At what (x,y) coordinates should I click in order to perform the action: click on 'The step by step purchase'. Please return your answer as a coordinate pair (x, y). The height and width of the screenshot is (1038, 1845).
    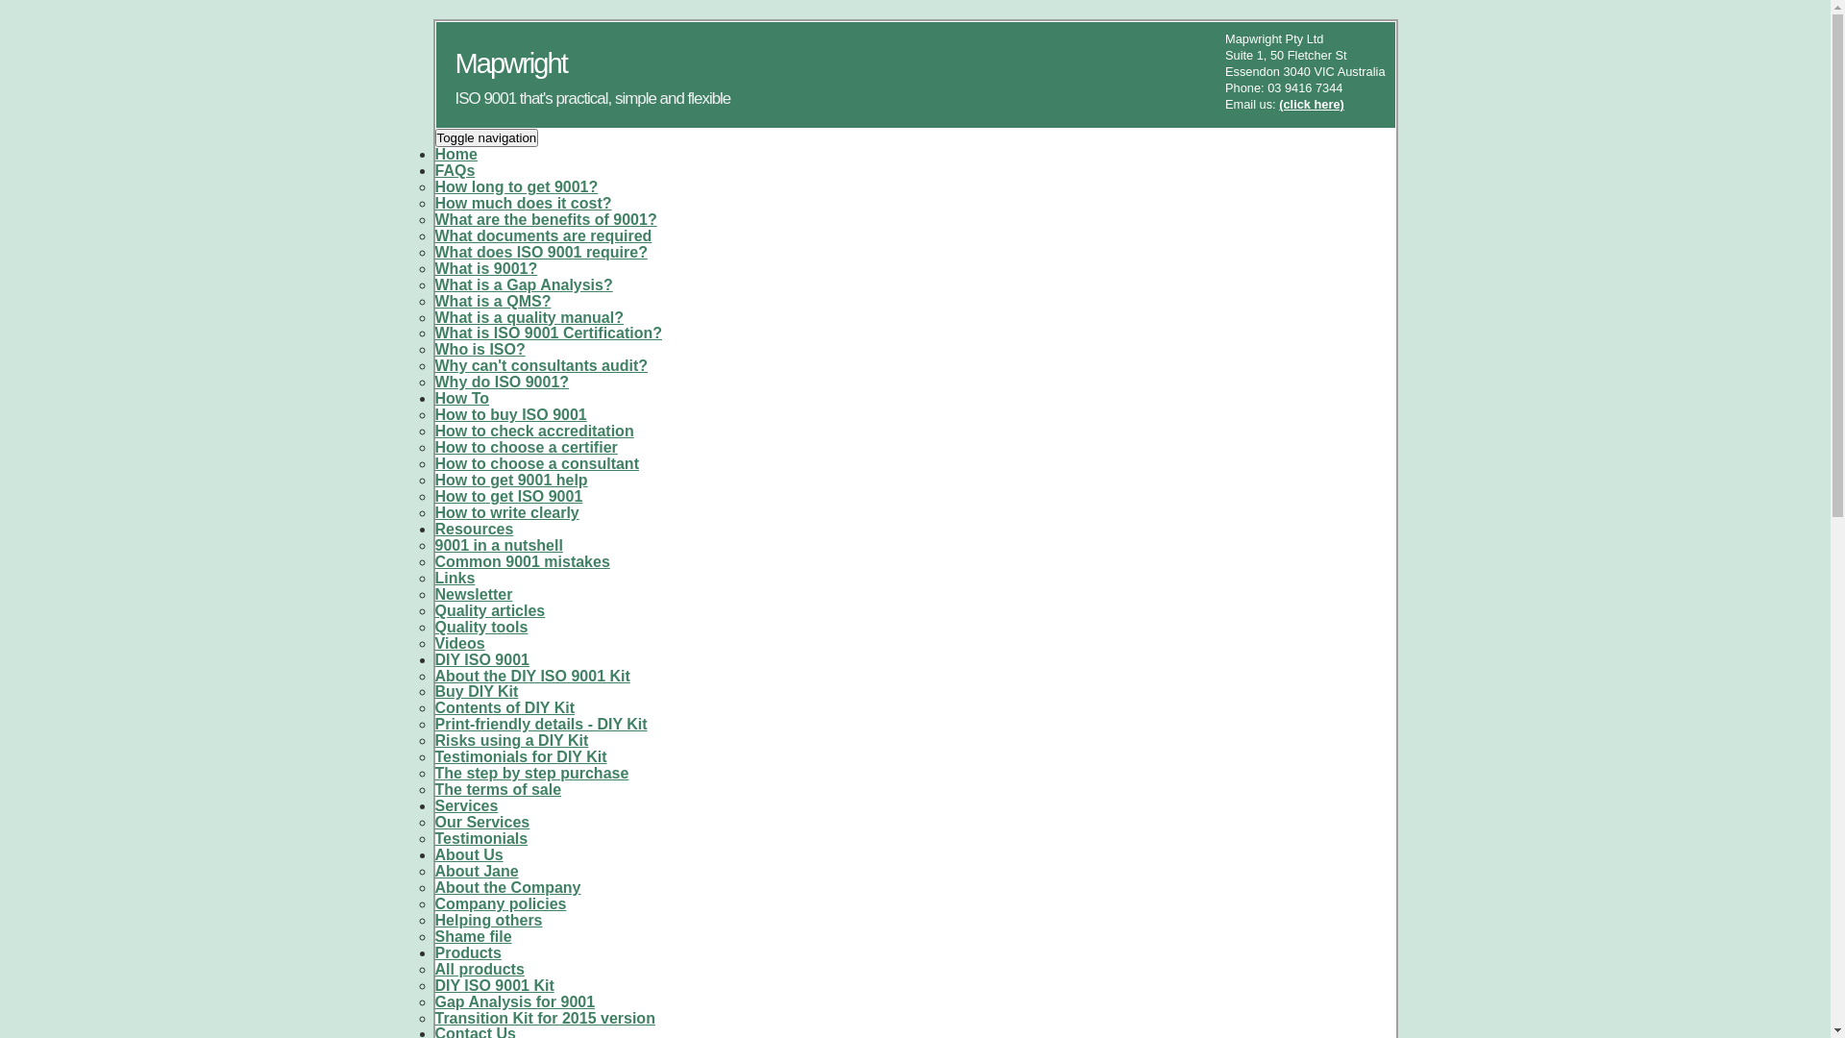
    Looking at the image, I should click on (530, 772).